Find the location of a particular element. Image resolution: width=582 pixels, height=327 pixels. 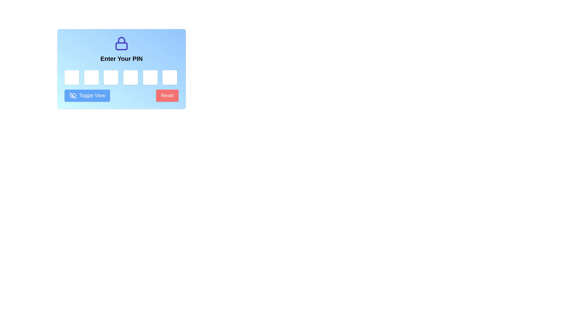

the rectangular spacer located between the 'Toggle View' button on the left and the 'Reset' button on the right, situated centrally beneath six PIN input fields is located at coordinates (121, 95).